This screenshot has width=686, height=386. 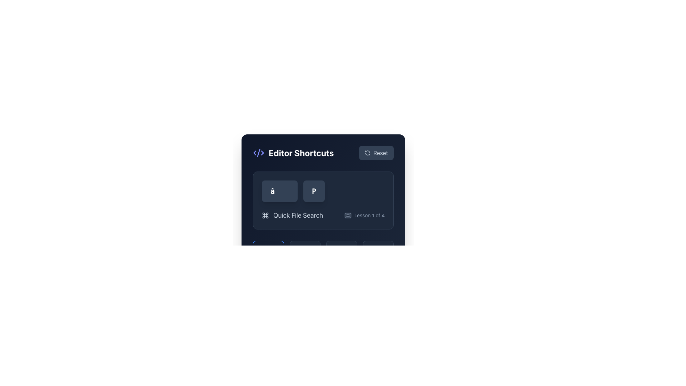 What do you see at coordinates (380, 153) in the screenshot?
I see `the label embedded in the reset/clear button located in the top-right corner of the 'Editor Shortcuts' panel, next to a circular refresh icon` at bounding box center [380, 153].